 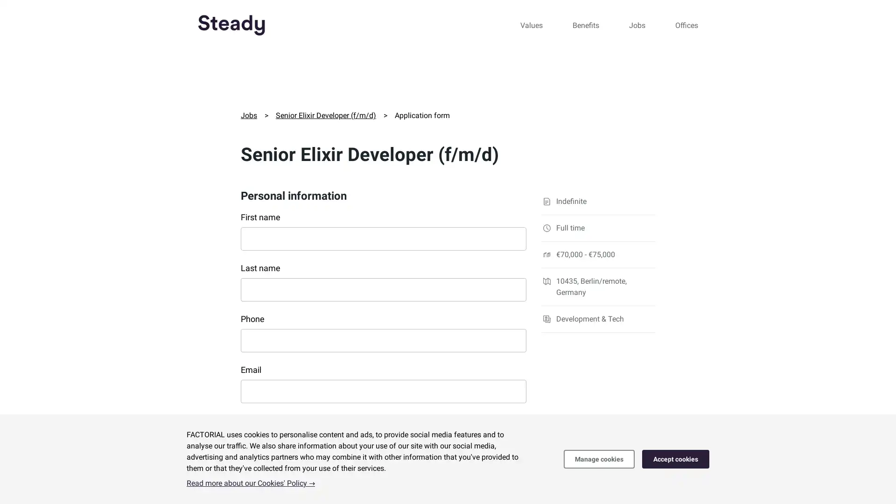 What do you see at coordinates (676, 458) in the screenshot?
I see `Accept cookies` at bounding box center [676, 458].